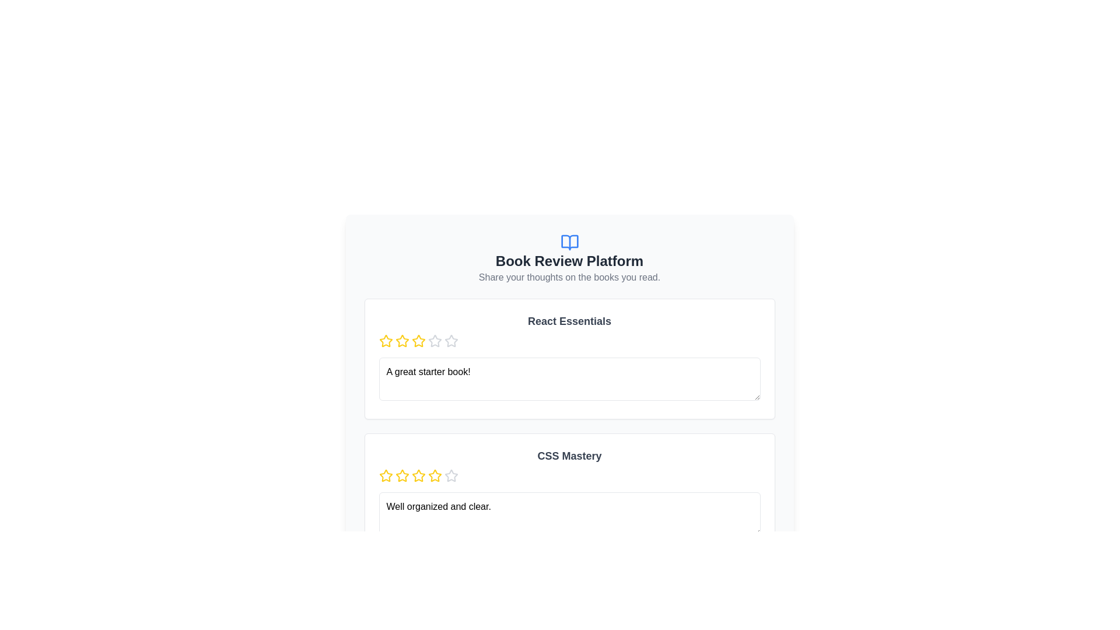 This screenshot has height=630, width=1120. What do you see at coordinates (434, 341) in the screenshot?
I see `the third star icon in the rating system within the 'React Essentials' review section to rate it` at bounding box center [434, 341].